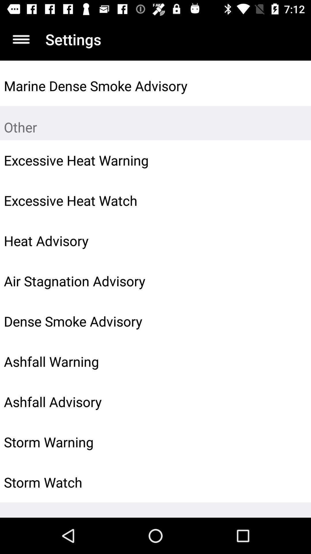 The height and width of the screenshot is (554, 311). Describe the element at coordinates (21, 39) in the screenshot. I see `display menu` at that location.